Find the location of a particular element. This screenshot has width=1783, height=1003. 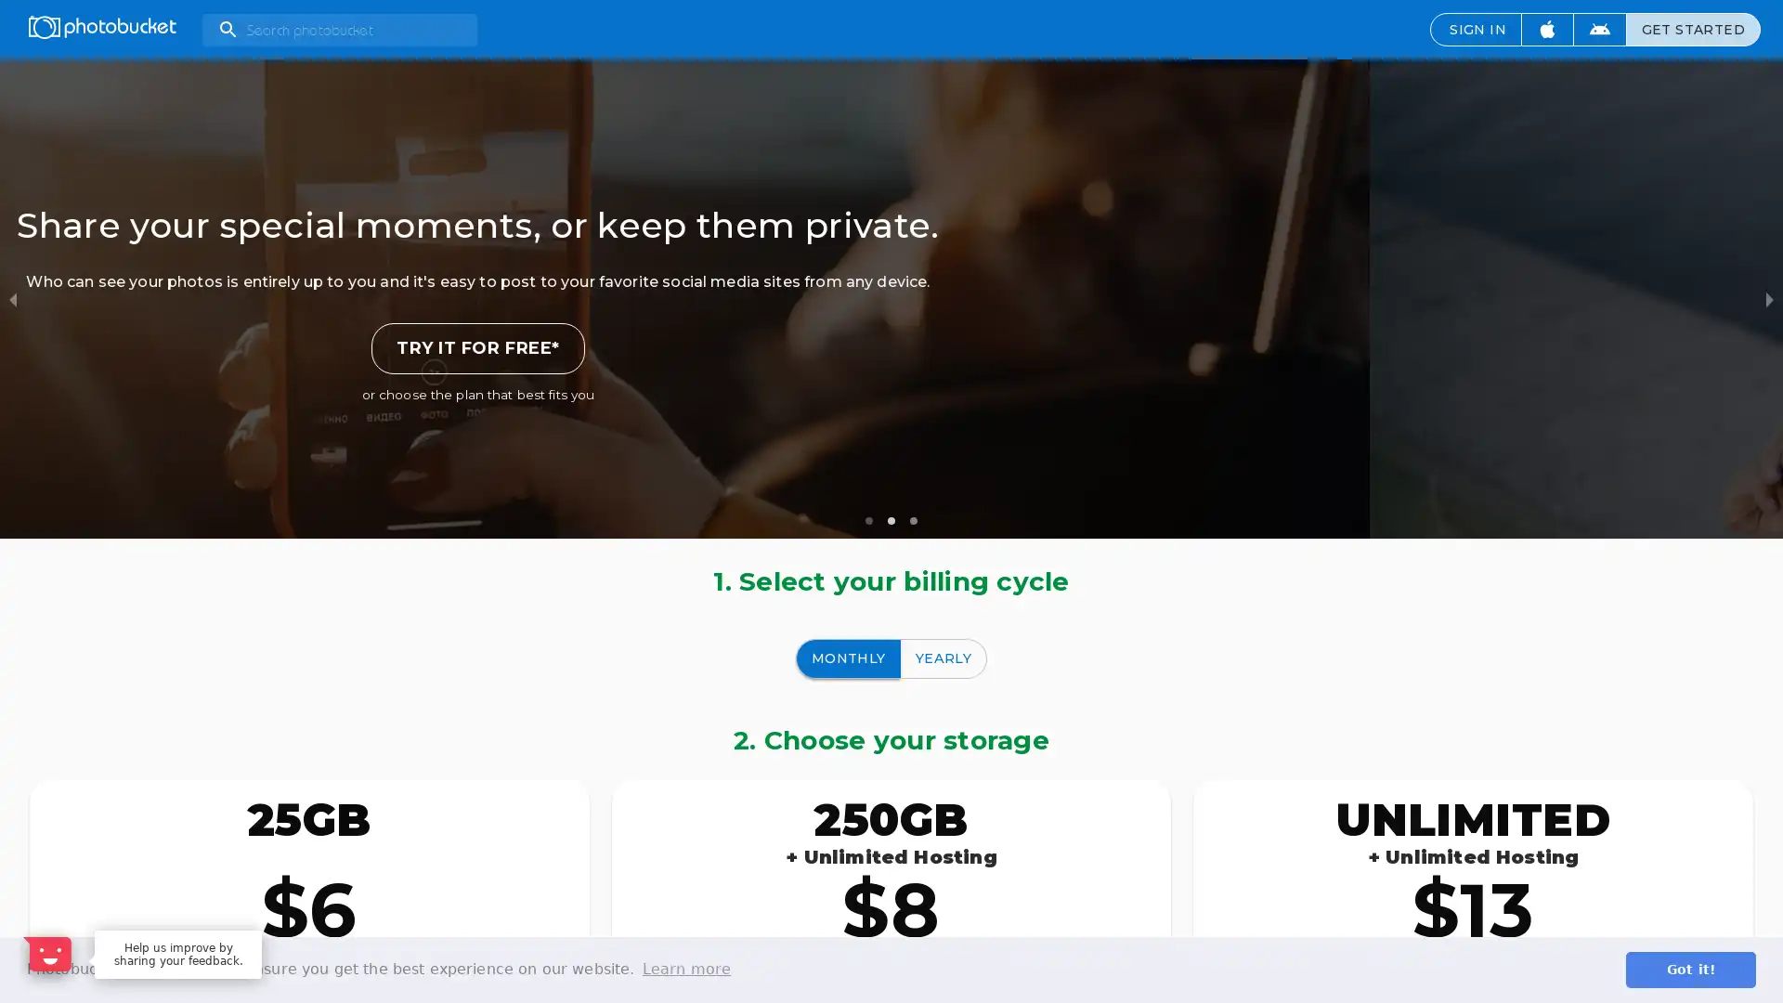

SIGN IN is located at coordinates (1474, 29).